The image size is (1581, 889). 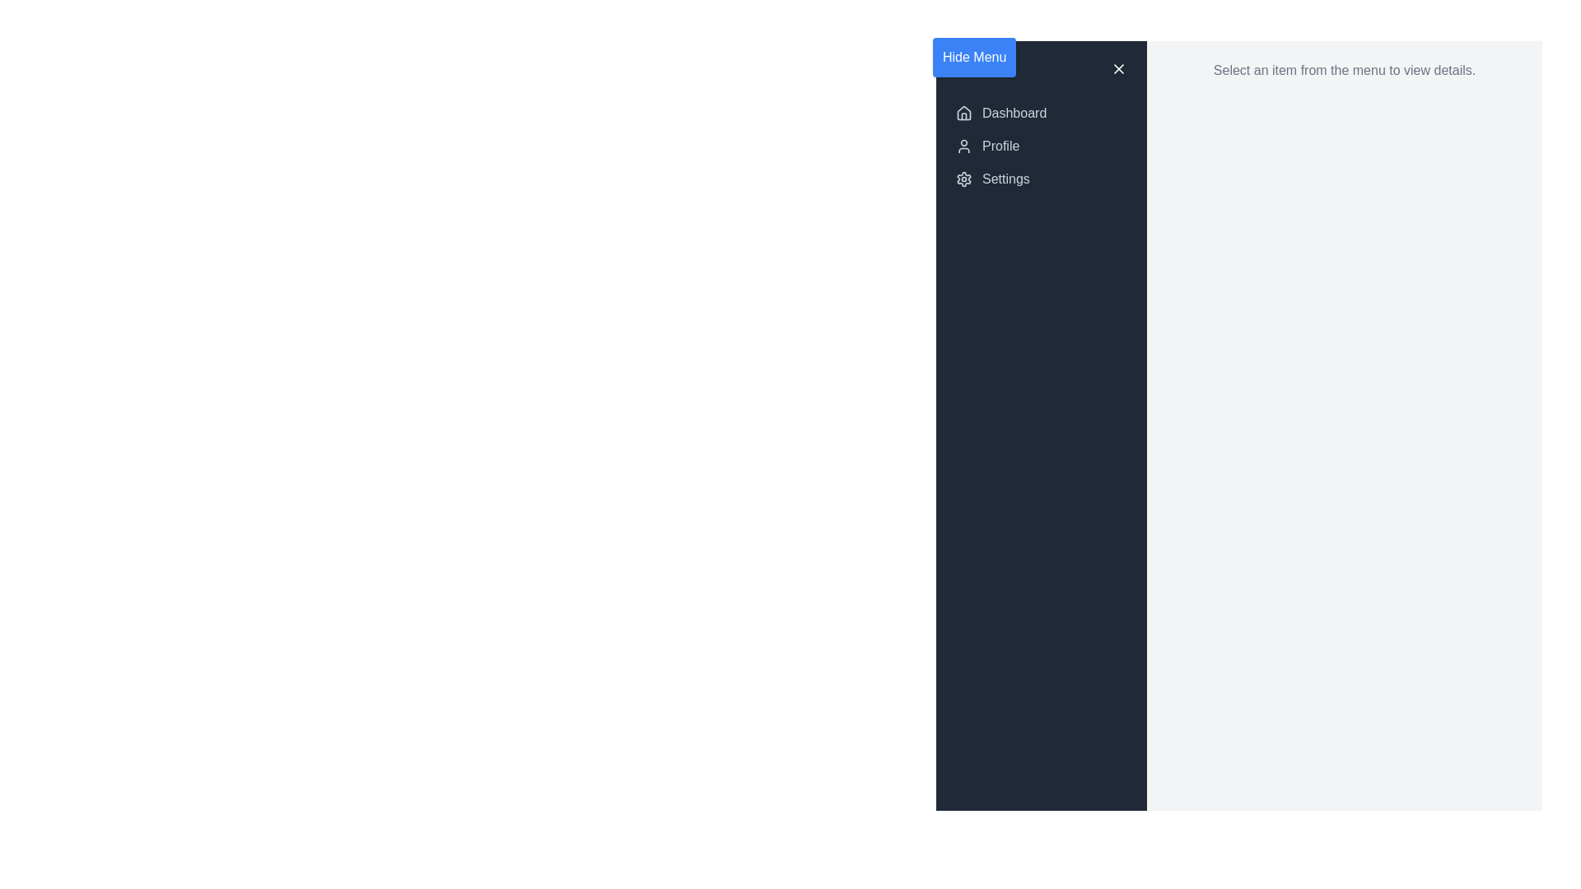 I want to click on the second item in the vertical menu that navigates to the Profile section, so click(x=1041, y=145).